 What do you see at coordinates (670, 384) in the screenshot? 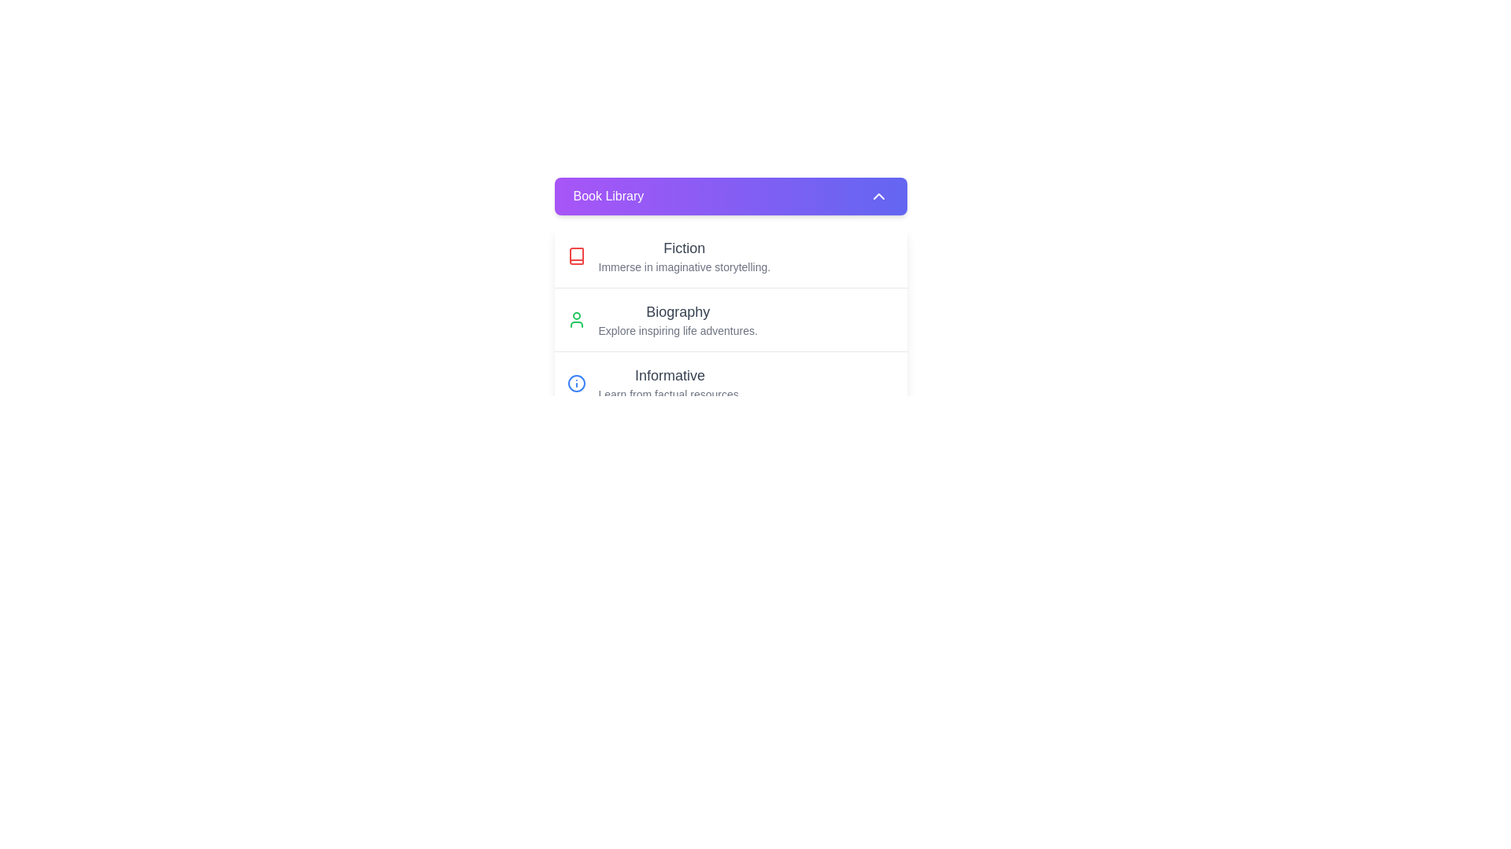
I see `the third item in the vertically aligned list under the header 'Book Library', which serves as a category title for resources that are factual and educational` at bounding box center [670, 384].